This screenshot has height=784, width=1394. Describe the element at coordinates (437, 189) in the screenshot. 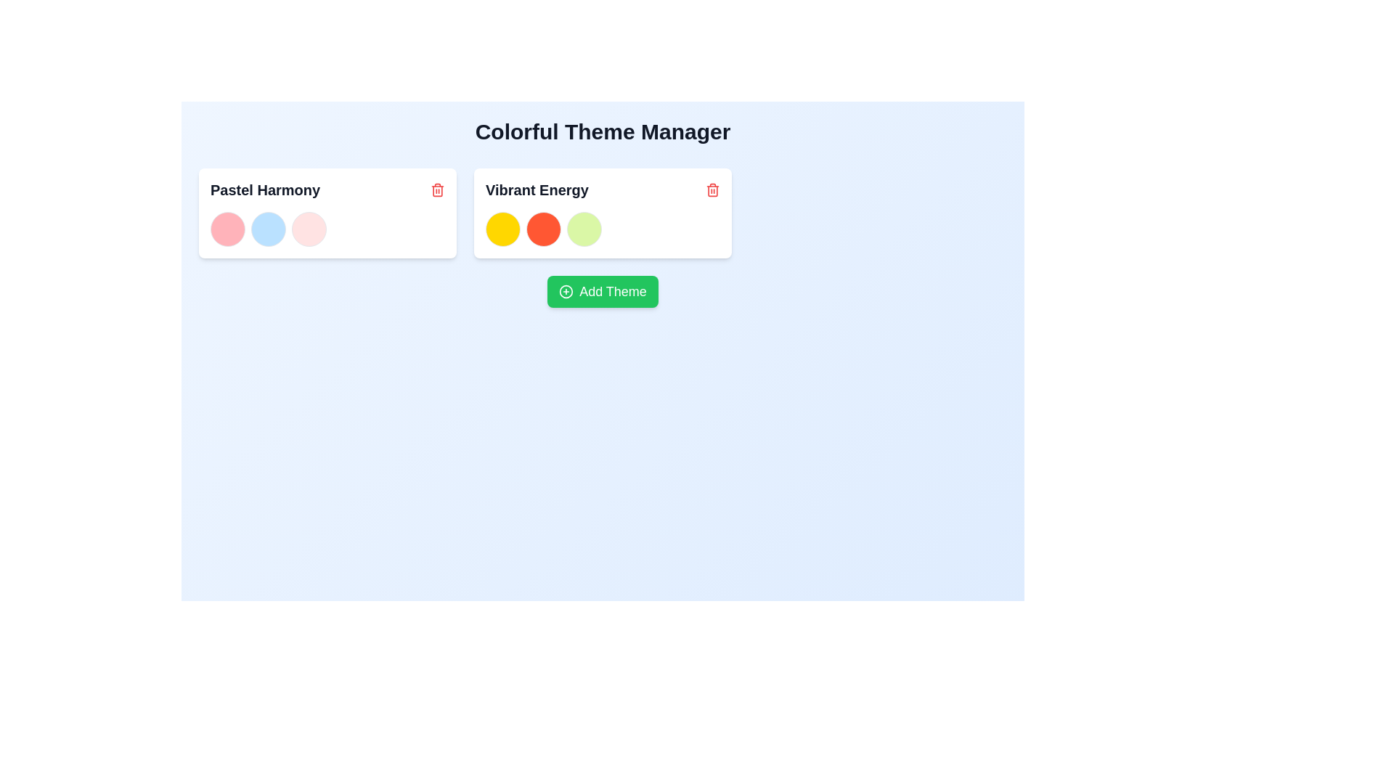

I see `the delete button located at the top-right corner of the 'Pastel Harmony' card` at that location.